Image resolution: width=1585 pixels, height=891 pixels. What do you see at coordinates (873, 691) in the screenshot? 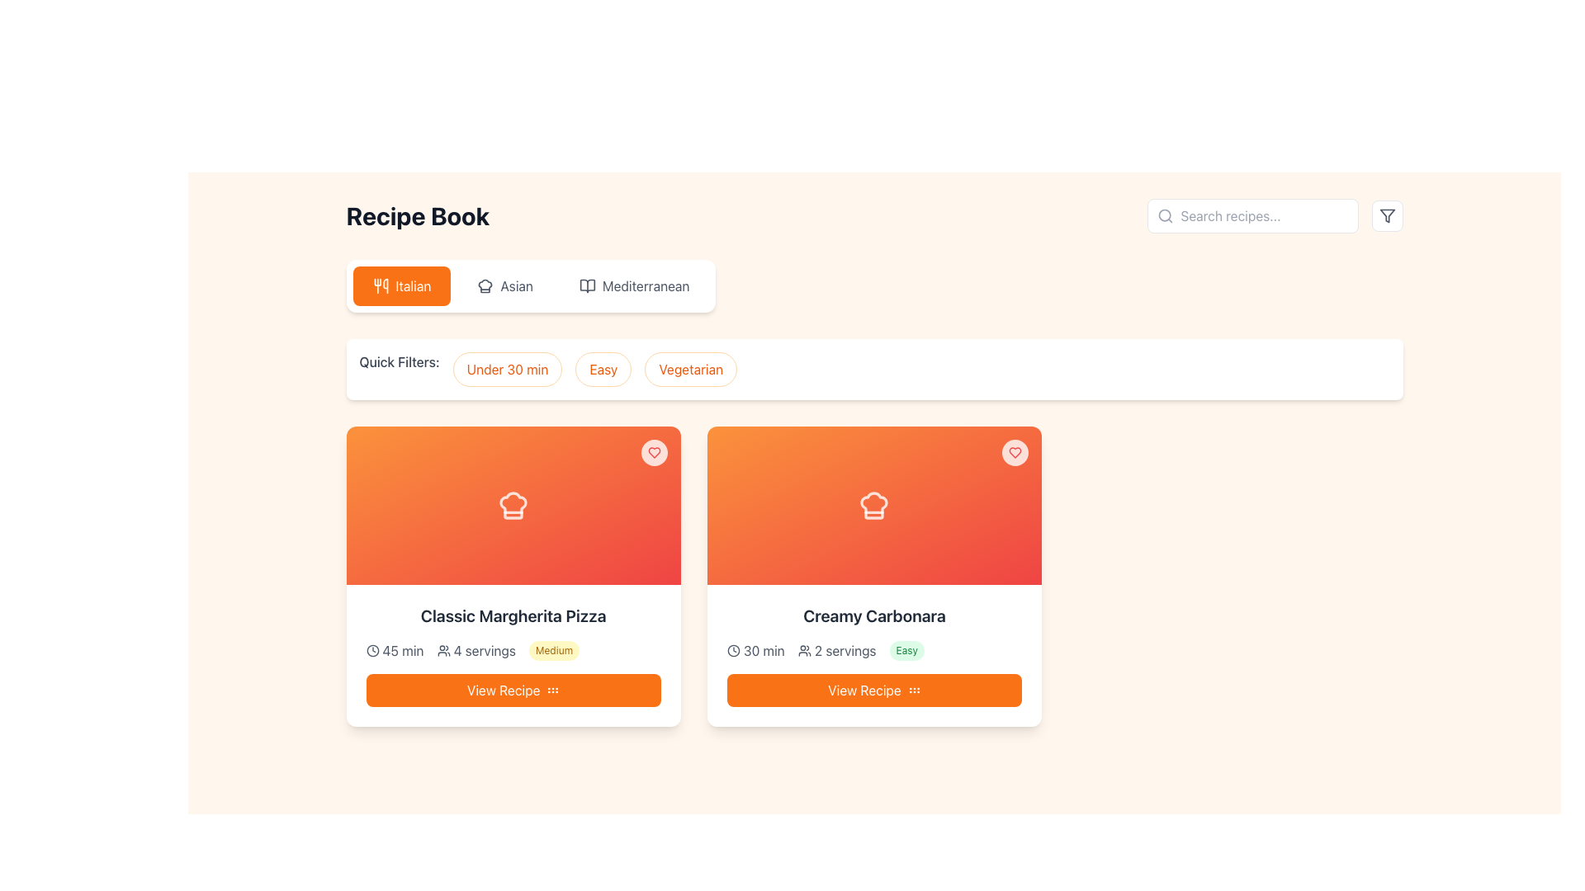
I see `the button located at the bottom center of the 'Creamy Carbonara' recipe card` at bounding box center [873, 691].